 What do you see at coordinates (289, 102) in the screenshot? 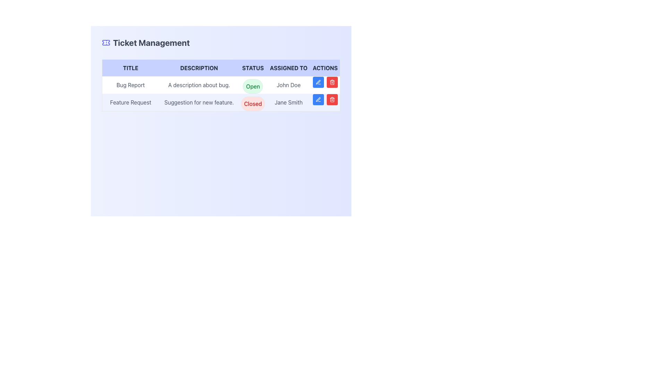
I see `the text label displaying 'Jane Smith' which is located in the second data row under the 'ASSIGNED TO' column of the table` at bounding box center [289, 102].